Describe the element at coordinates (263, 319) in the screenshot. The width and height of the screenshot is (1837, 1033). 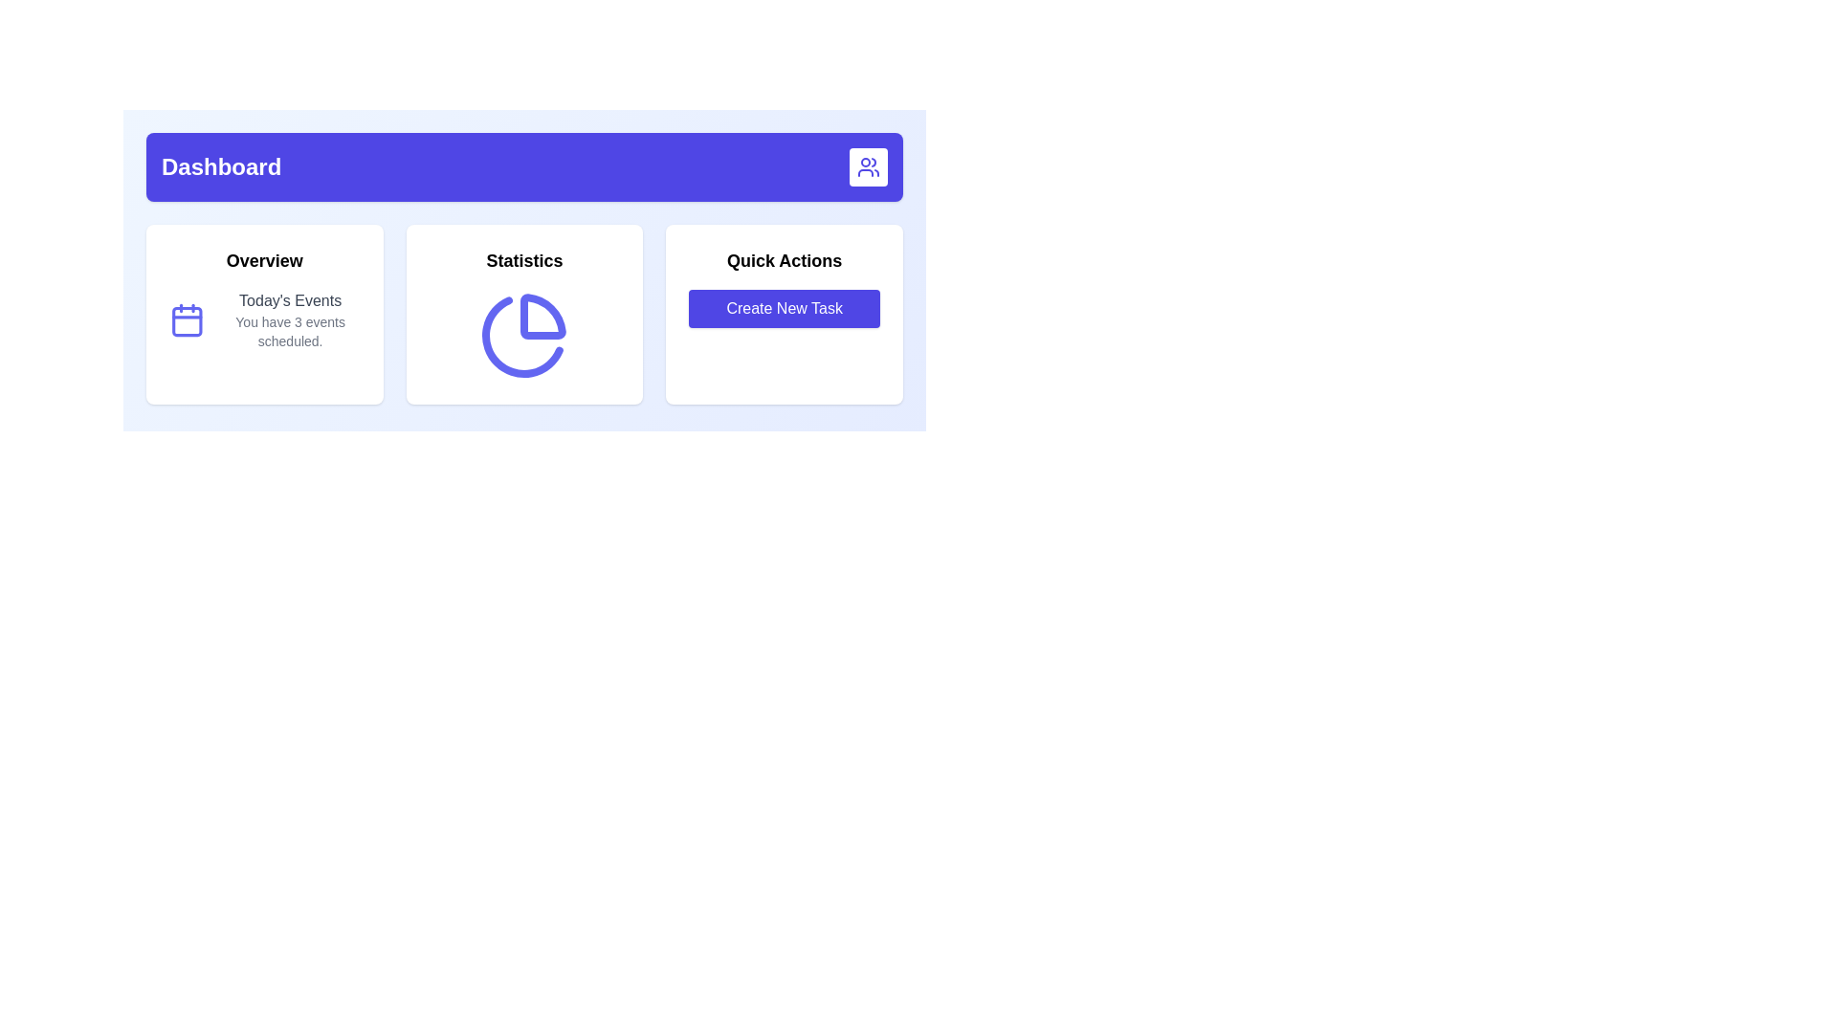
I see `text content of the Informational Widget displaying 'Today's Events' and 'You have 3 events scheduled' located in the first card under the 'Dashboard' heading` at that location.